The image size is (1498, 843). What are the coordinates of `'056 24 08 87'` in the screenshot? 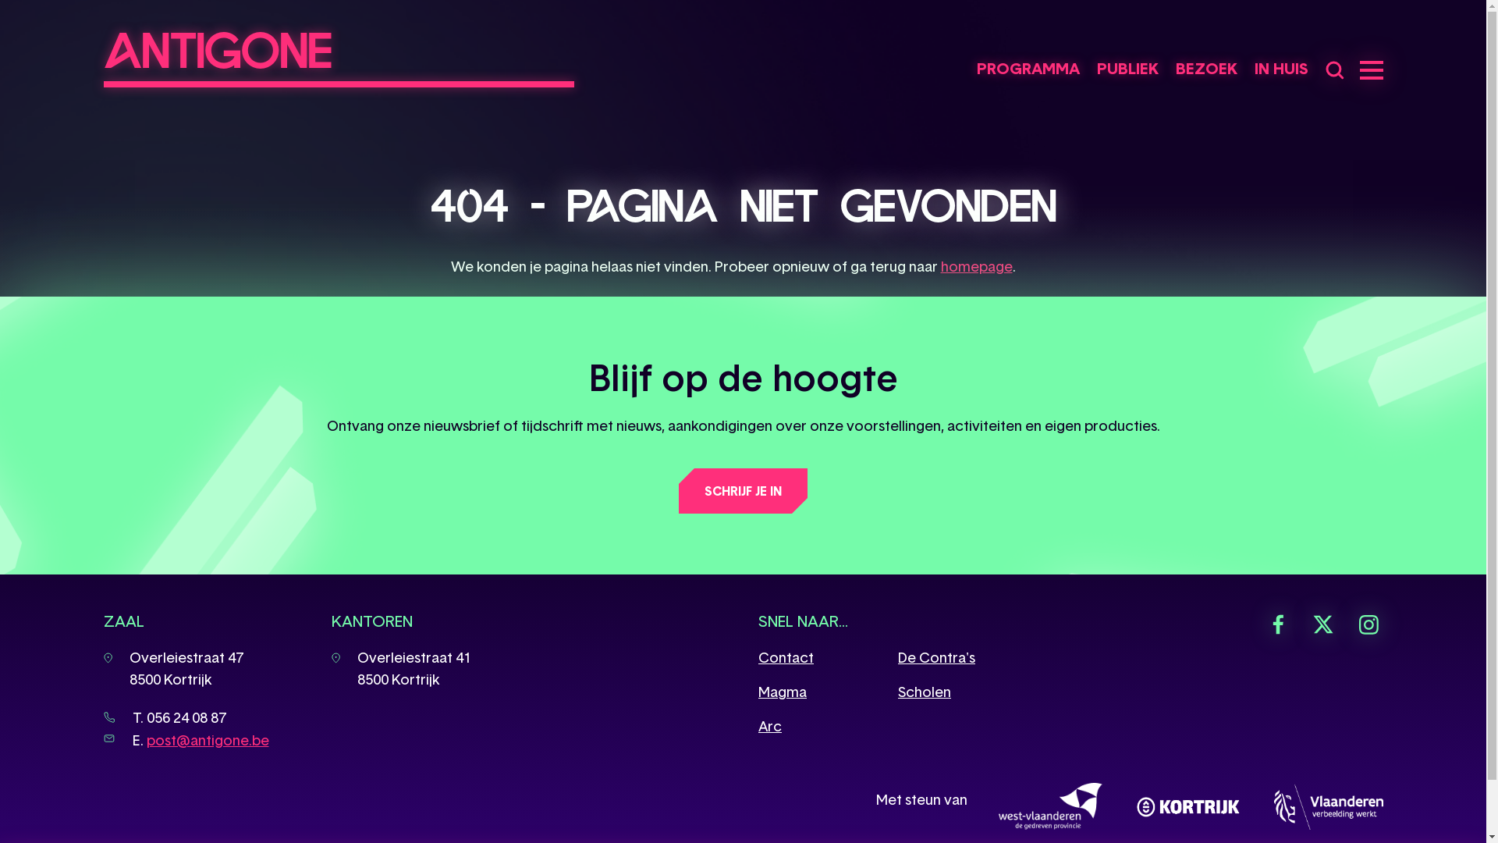 It's located at (186, 717).